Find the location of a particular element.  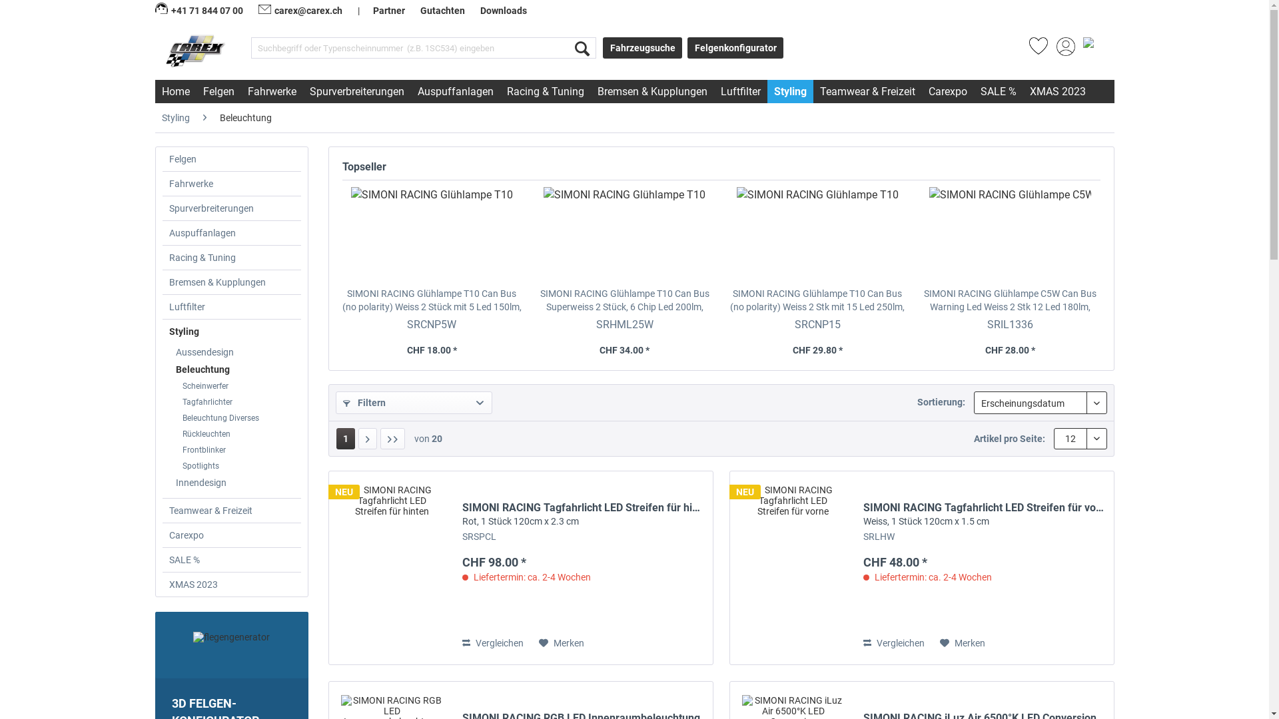

'XMAS 2023' is located at coordinates (231, 584).